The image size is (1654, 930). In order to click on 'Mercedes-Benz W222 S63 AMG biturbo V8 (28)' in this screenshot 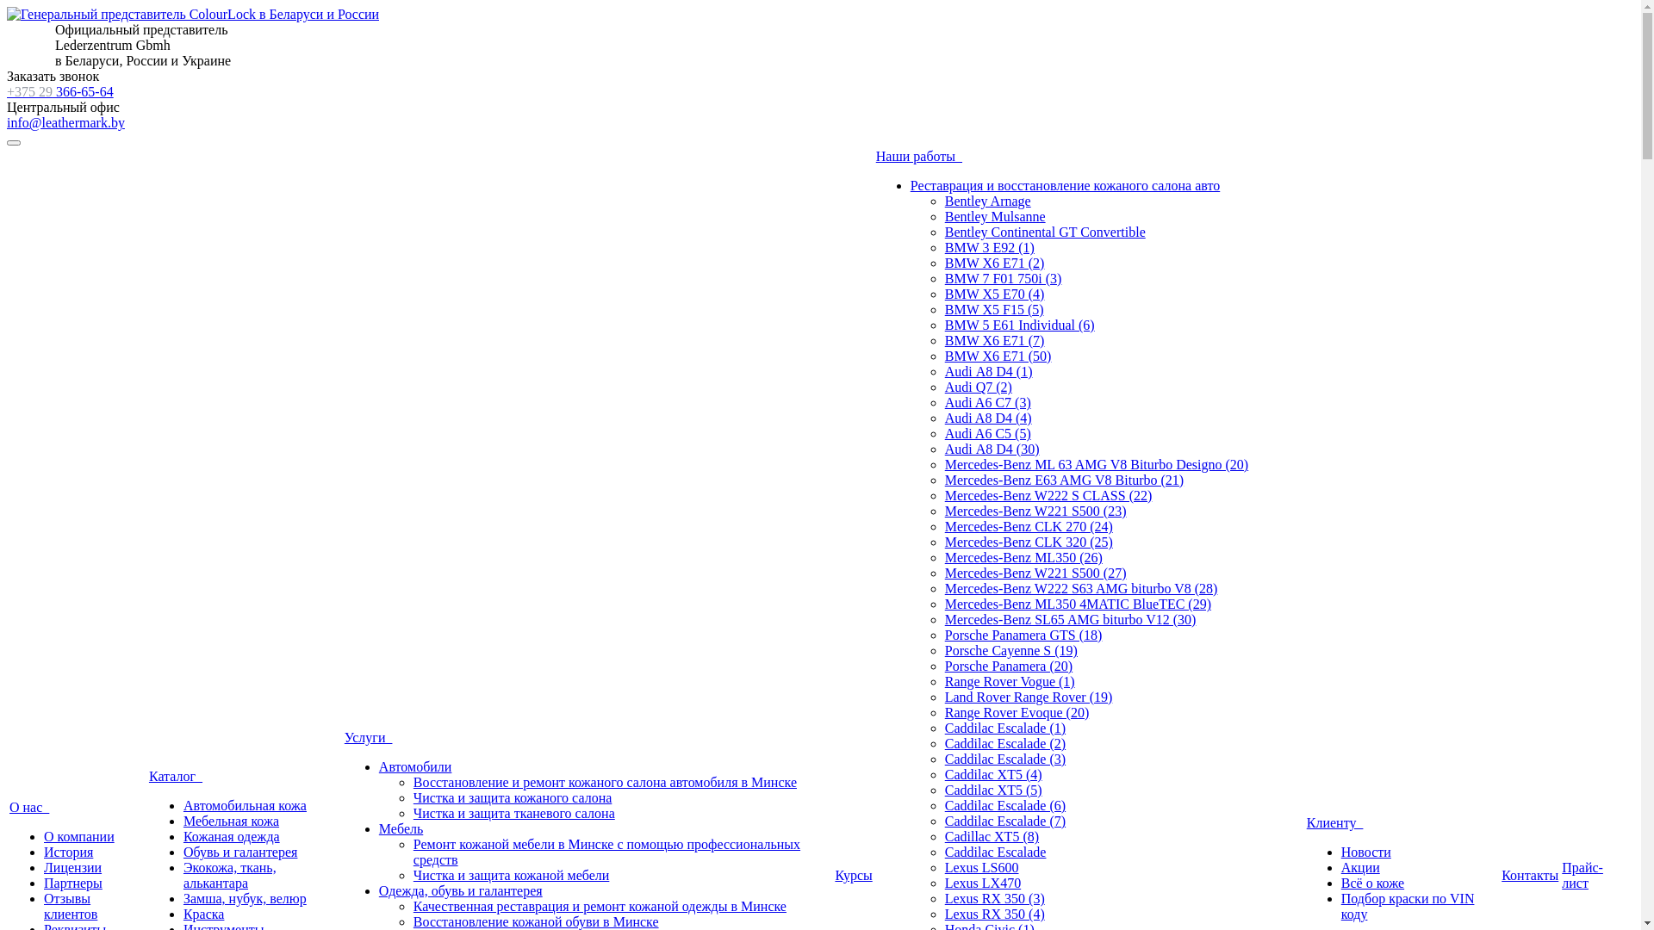, I will do `click(1080, 587)`.